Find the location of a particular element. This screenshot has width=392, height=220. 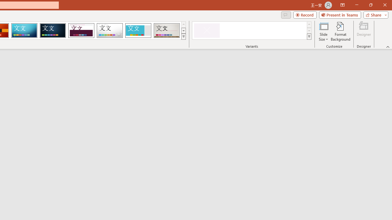

'Circuit Loading Preview...' is located at coordinates (24, 31).